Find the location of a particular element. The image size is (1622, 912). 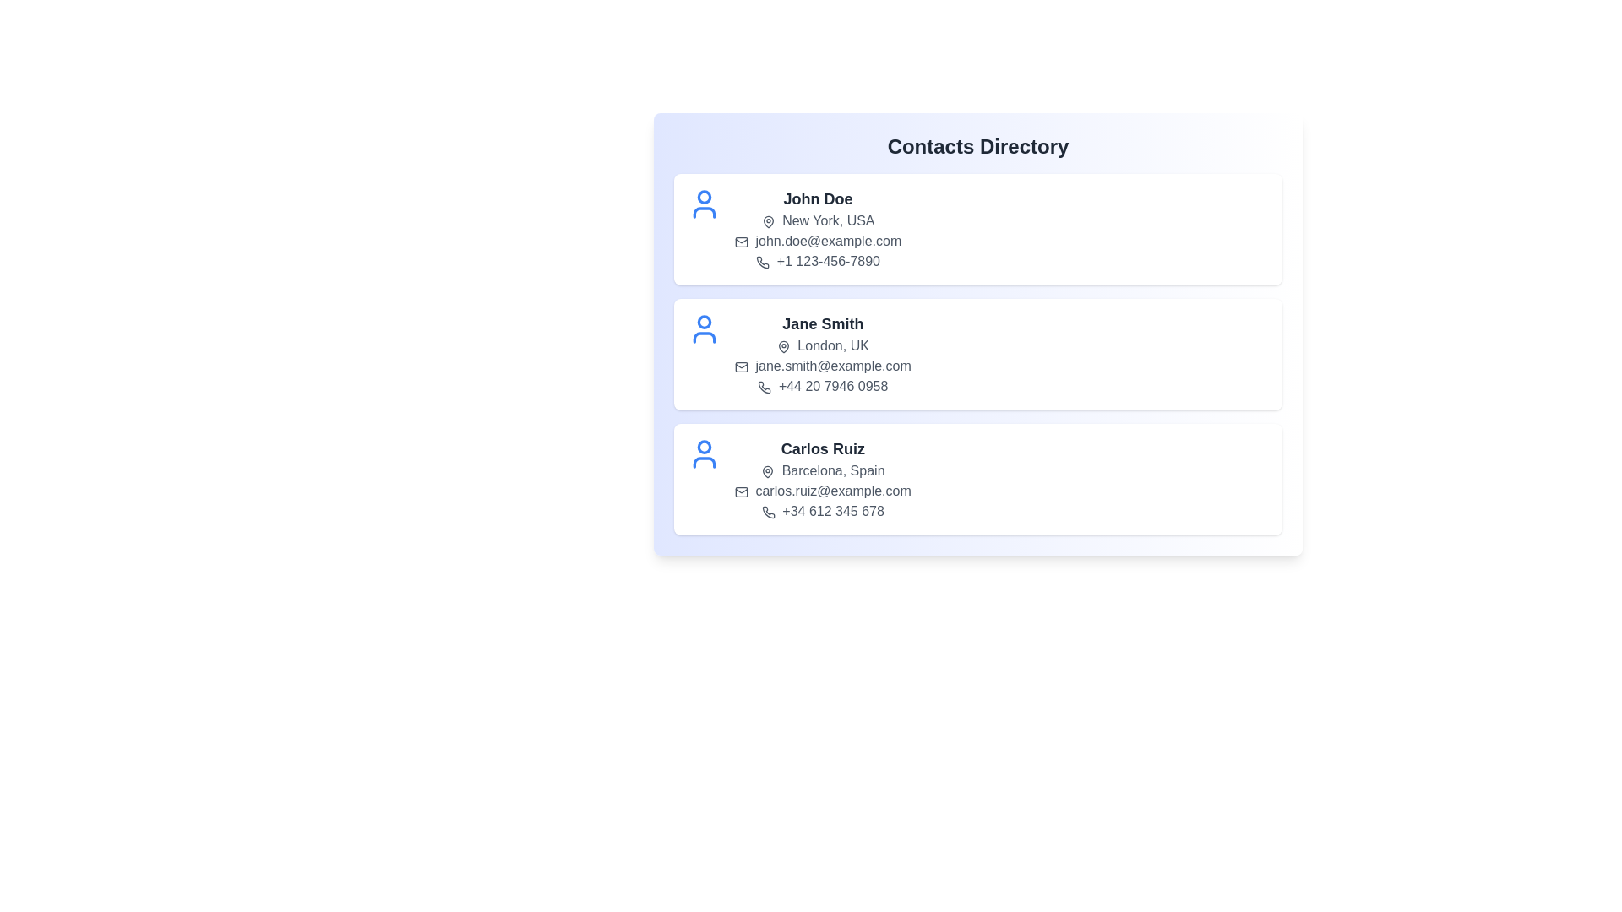

the mail icon for the contact John Doe is located at coordinates (742, 242).